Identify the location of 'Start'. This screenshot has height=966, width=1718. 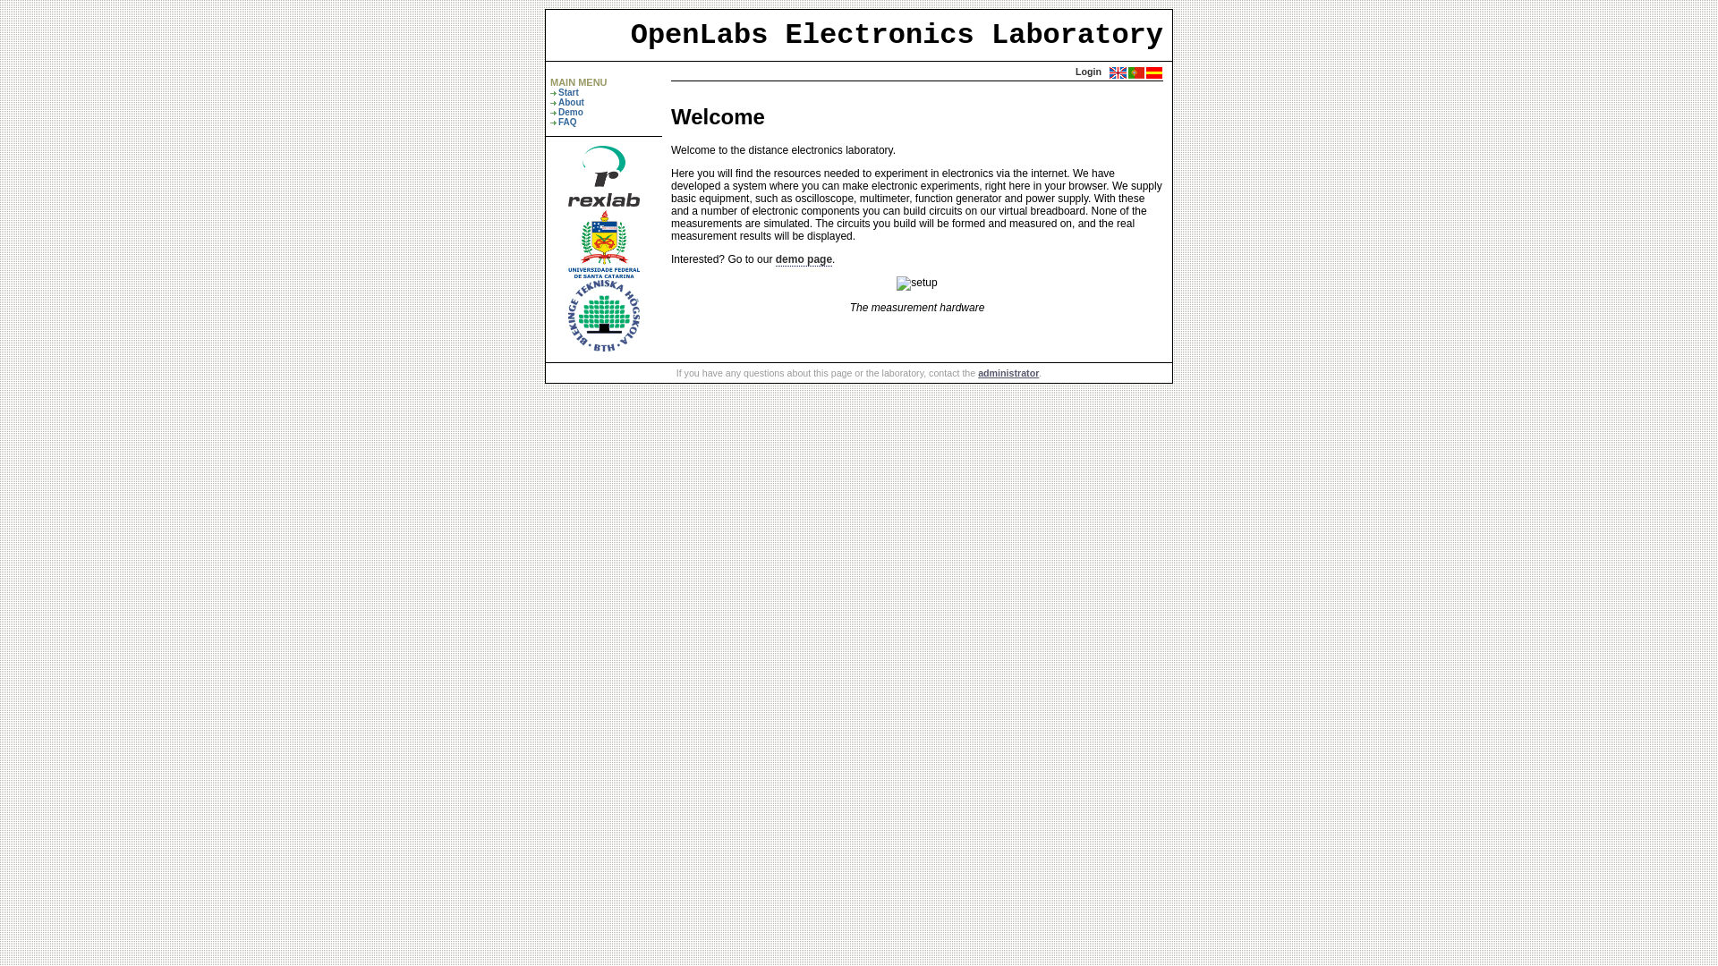
(567, 92).